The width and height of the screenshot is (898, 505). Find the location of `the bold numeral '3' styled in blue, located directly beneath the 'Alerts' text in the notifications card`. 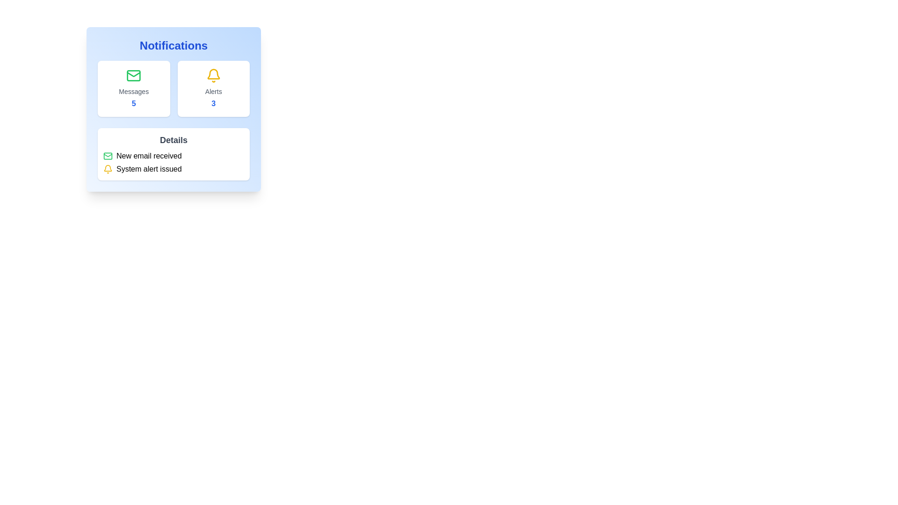

the bold numeral '3' styled in blue, located directly beneath the 'Alerts' text in the notifications card is located at coordinates (213, 104).